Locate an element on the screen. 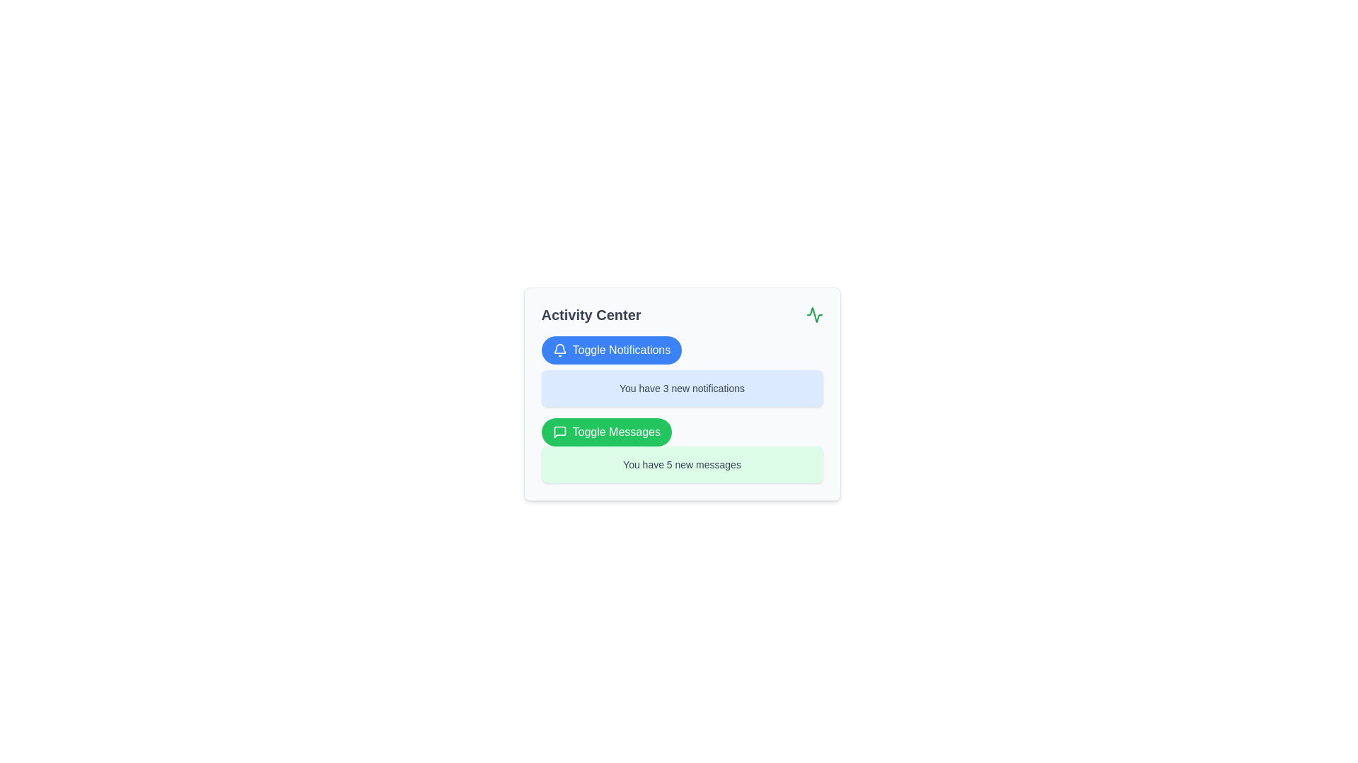  the blue bell-shaped notification icon located inside the 'Toggle Notifications' button, to the left of the button's text label is located at coordinates (559, 348).